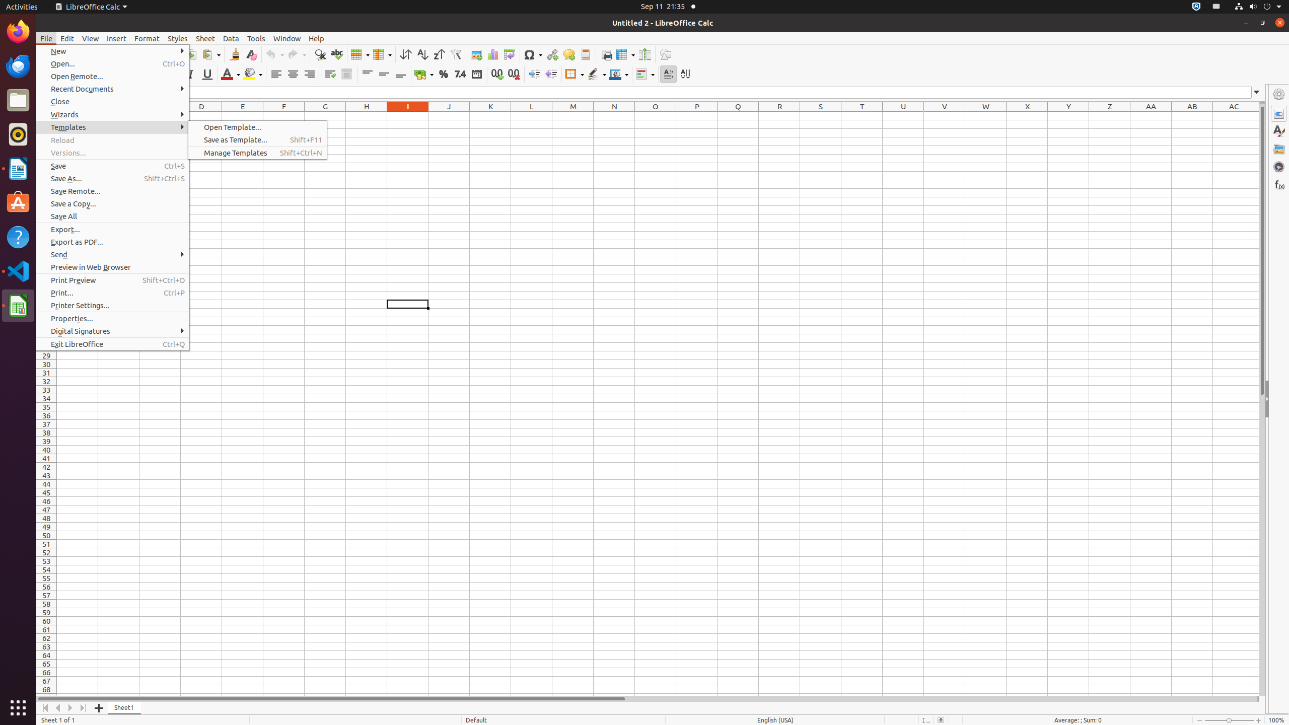  Describe the element at coordinates (1278, 184) in the screenshot. I see `'Functions'` at that location.